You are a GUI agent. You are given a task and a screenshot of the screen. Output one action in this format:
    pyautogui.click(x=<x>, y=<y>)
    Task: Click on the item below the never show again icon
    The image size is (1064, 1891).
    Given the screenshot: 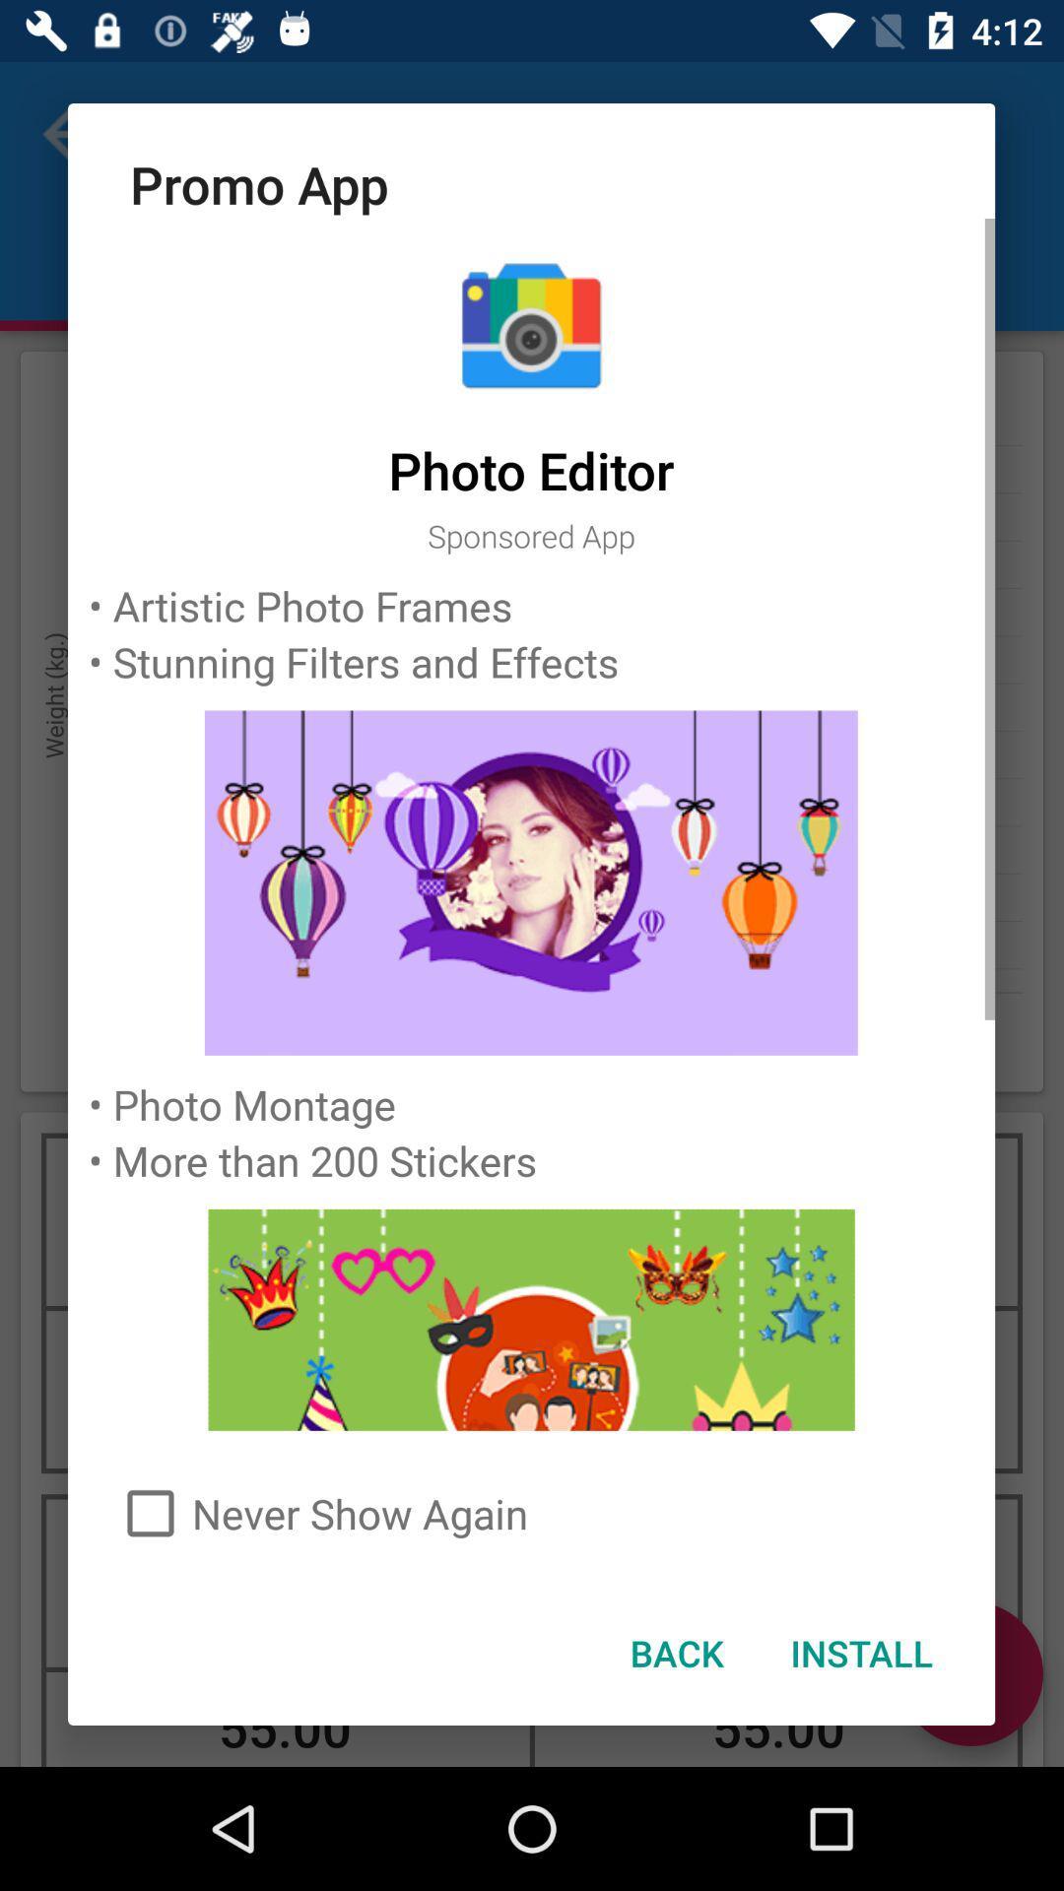 What is the action you would take?
    pyautogui.click(x=860, y=1653)
    